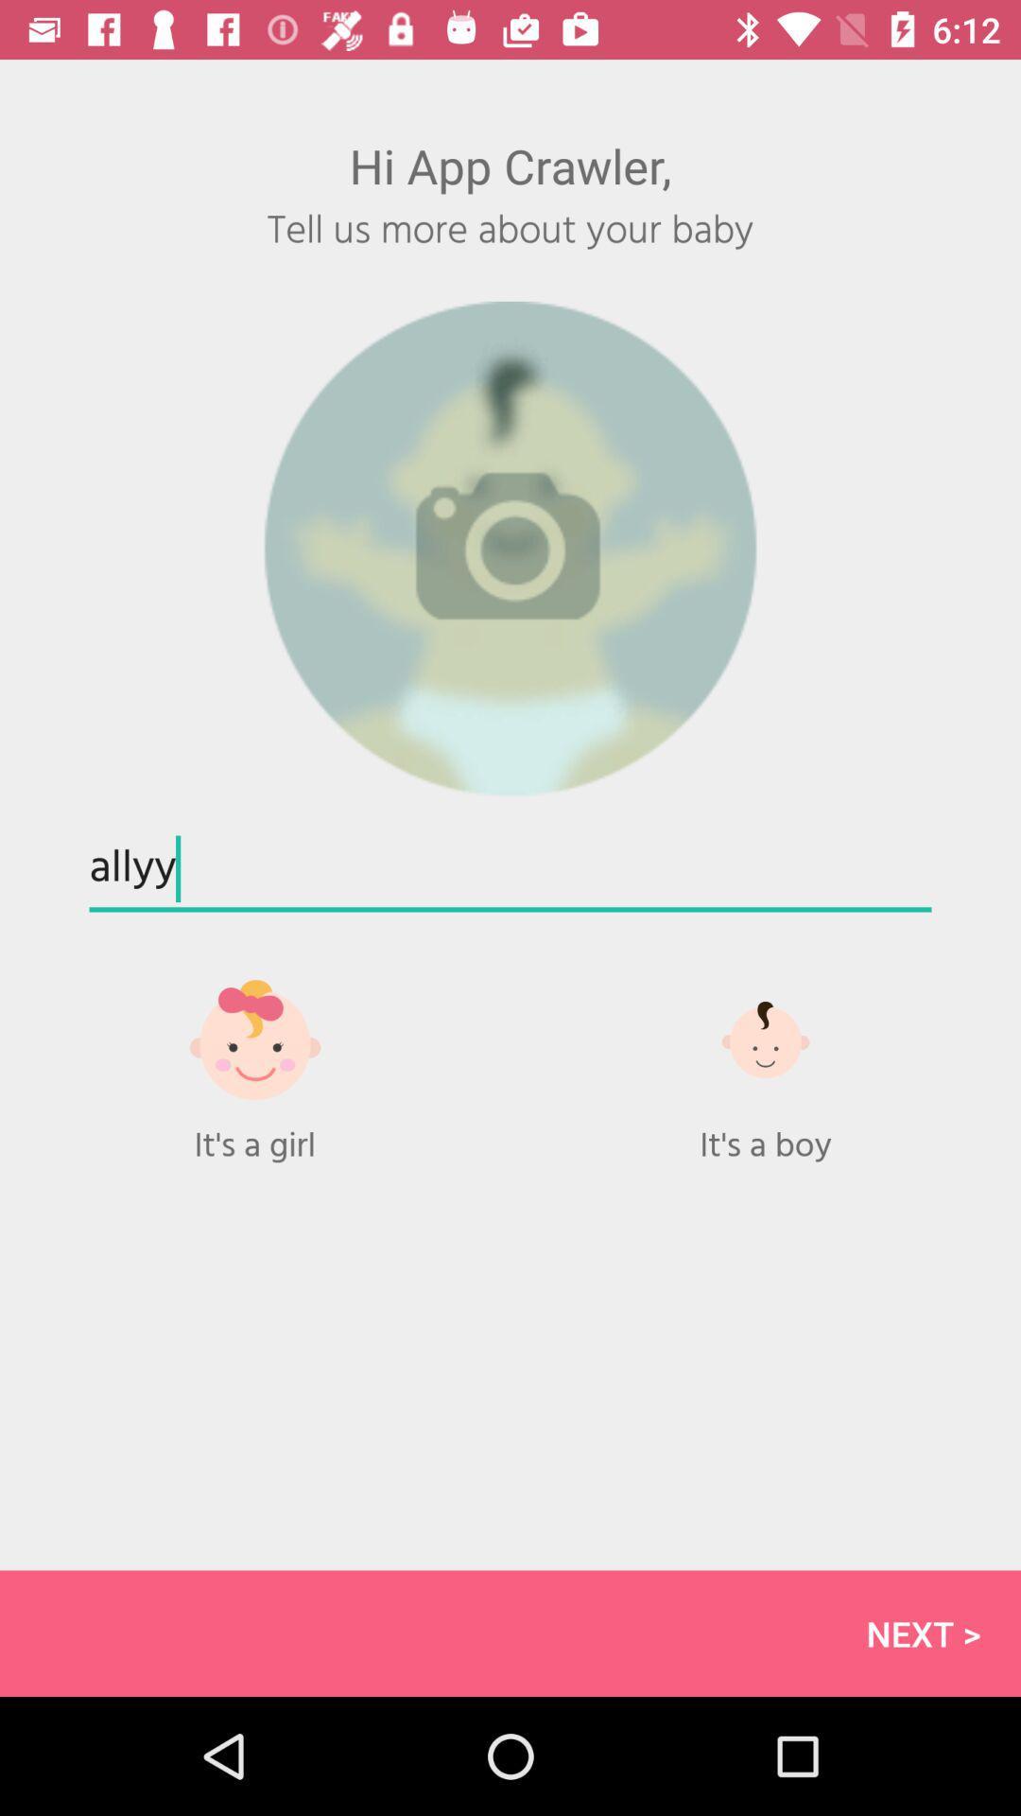 The height and width of the screenshot is (1816, 1021). What do you see at coordinates (510, 549) in the screenshot?
I see `turn camera on` at bounding box center [510, 549].